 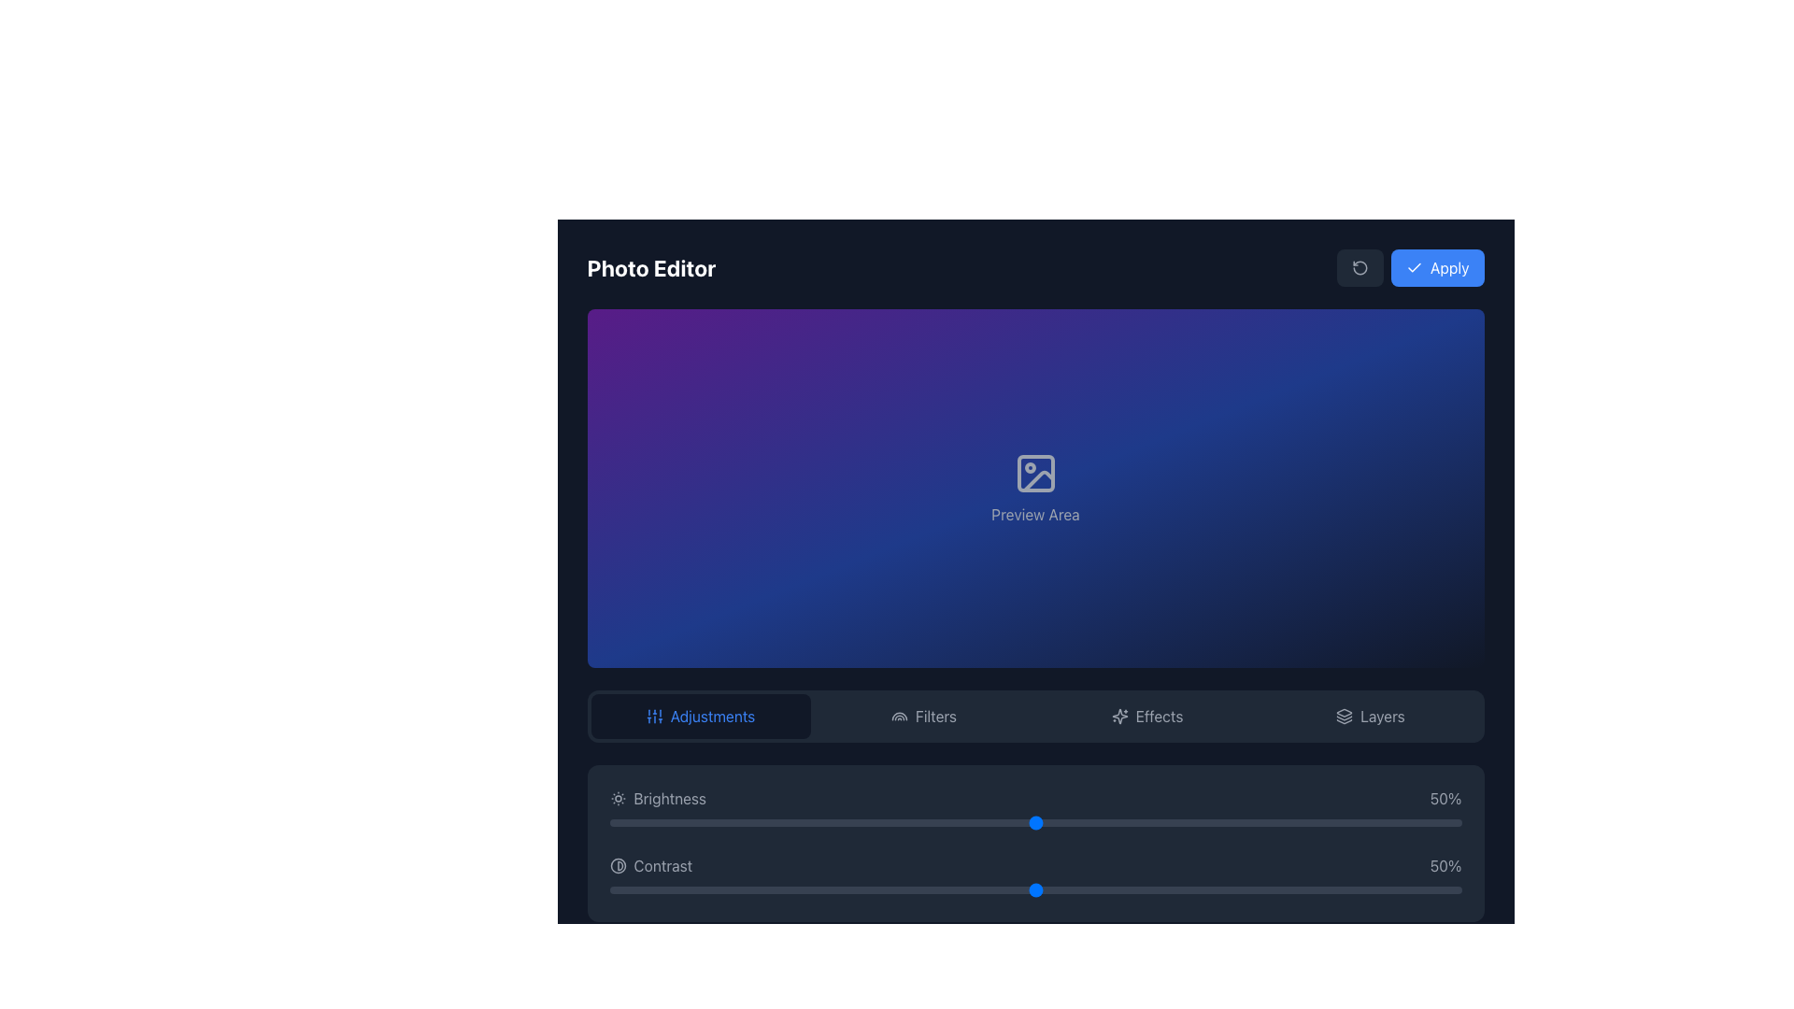 What do you see at coordinates (1410, 267) in the screenshot?
I see `the blue 'Apply' button with rounded corners located in the upper-right section of the header in the photo editor interface` at bounding box center [1410, 267].